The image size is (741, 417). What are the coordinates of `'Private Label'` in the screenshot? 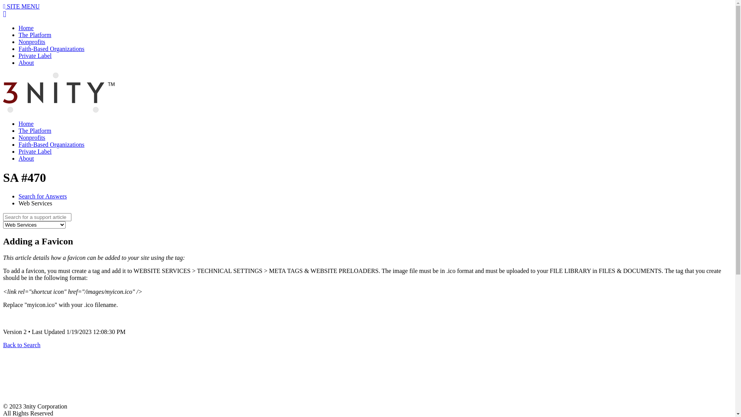 It's located at (35, 55).